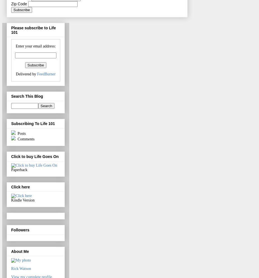 The height and width of the screenshot is (278, 259). Describe the element at coordinates (15, 74) in the screenshot. I see `'Delivered by'` at that location.